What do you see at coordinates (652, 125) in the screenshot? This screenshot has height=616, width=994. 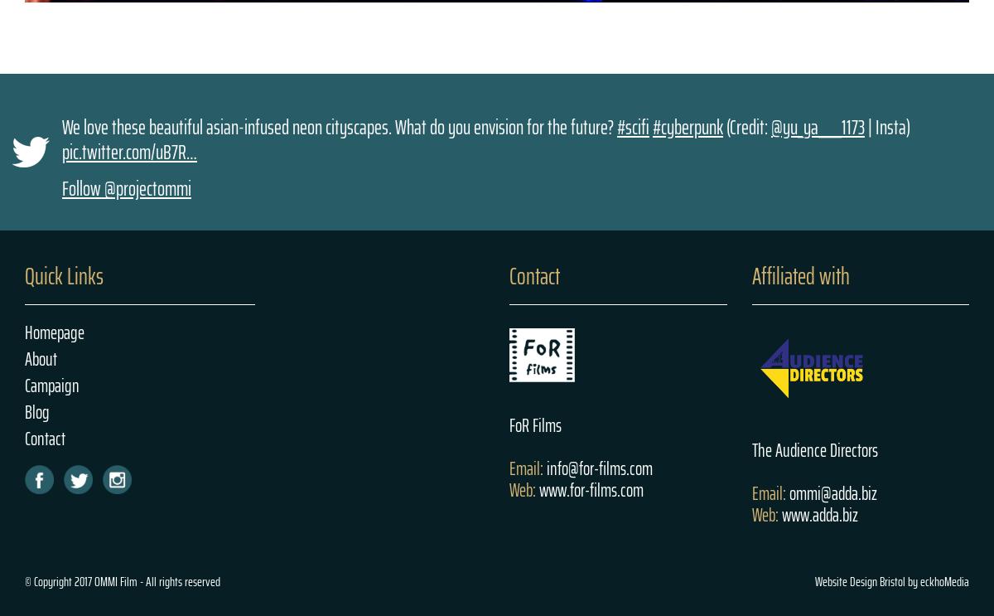 I see `'#cyberpunk'` at bounding box center [652, 125].